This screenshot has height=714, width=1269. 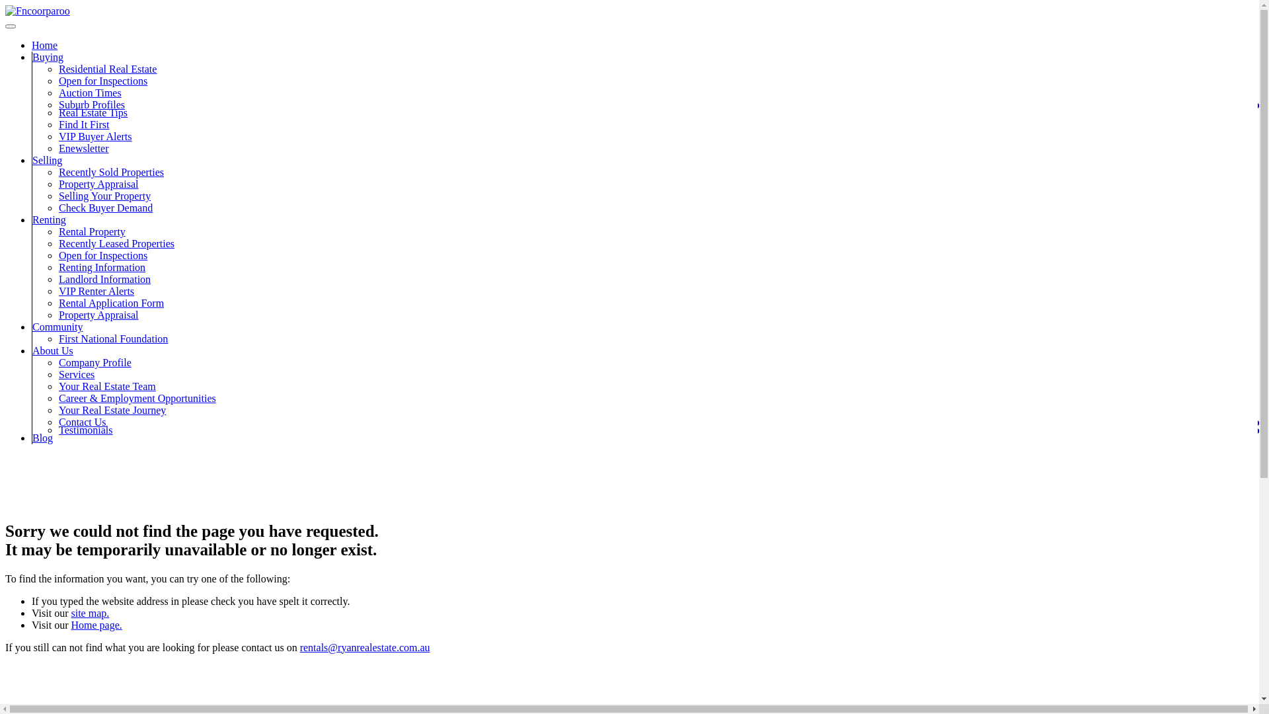 What do you see at coordinates (83, 148) in the screenshot?
I see `'Enewsletter'` at bounding box center [83, 148].